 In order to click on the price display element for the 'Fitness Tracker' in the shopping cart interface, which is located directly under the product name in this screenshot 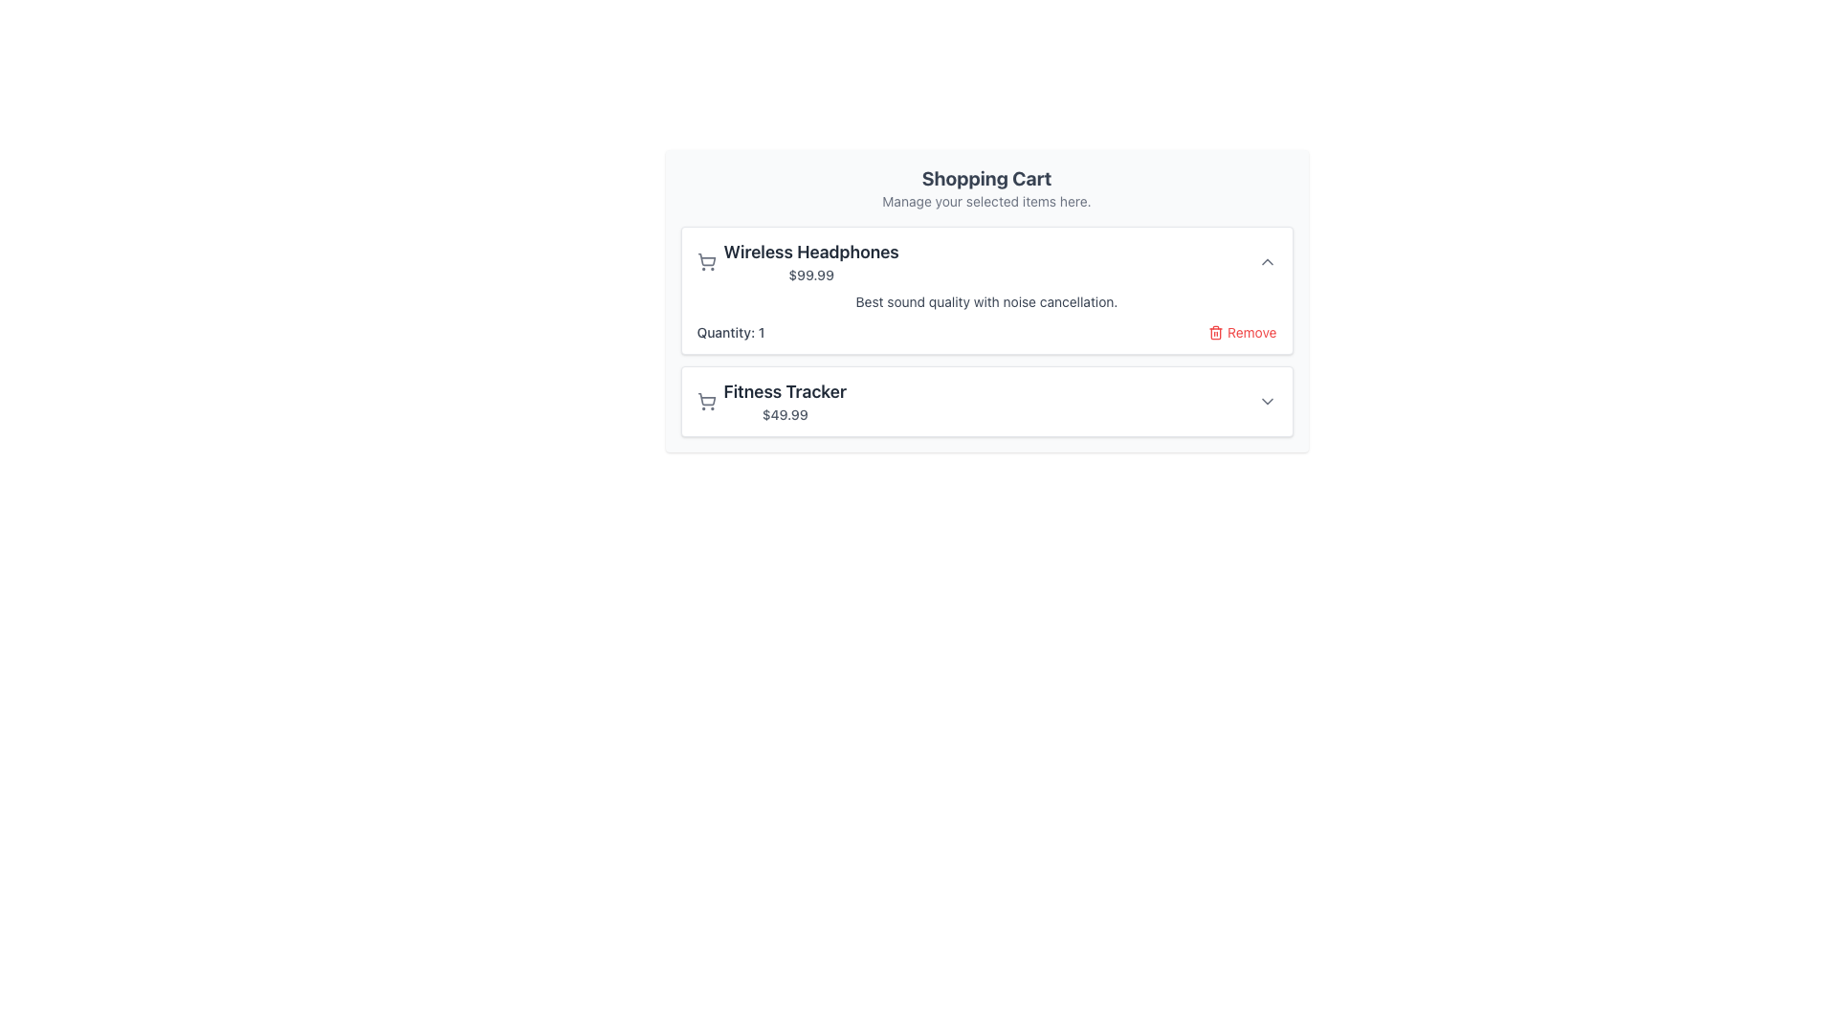, I will do `click(785, 414)`.